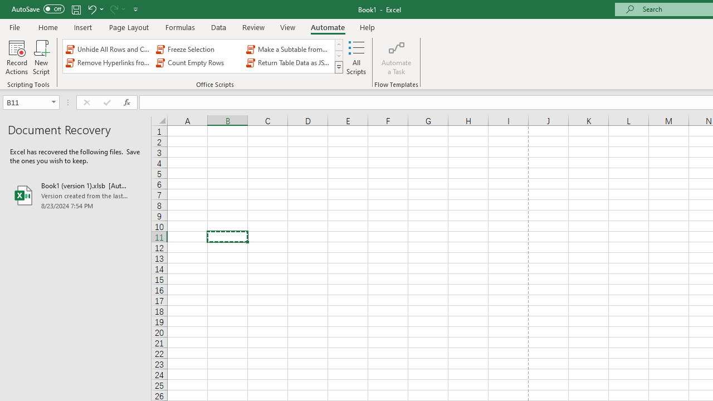 This screenshot has height=401, width=713. I want to click on 'Unhide All Rows and Columns', so click(109, 48).